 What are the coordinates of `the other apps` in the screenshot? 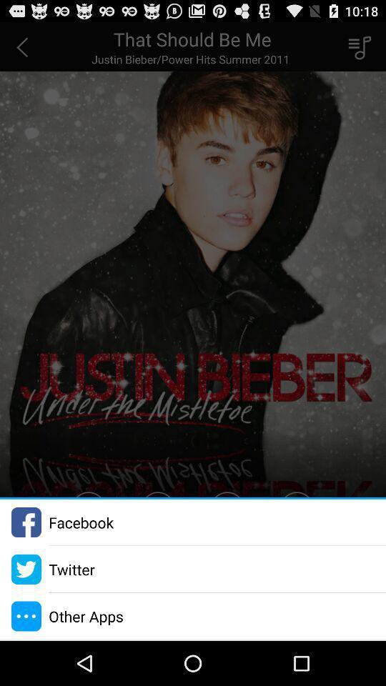 It's located at (86, 615).